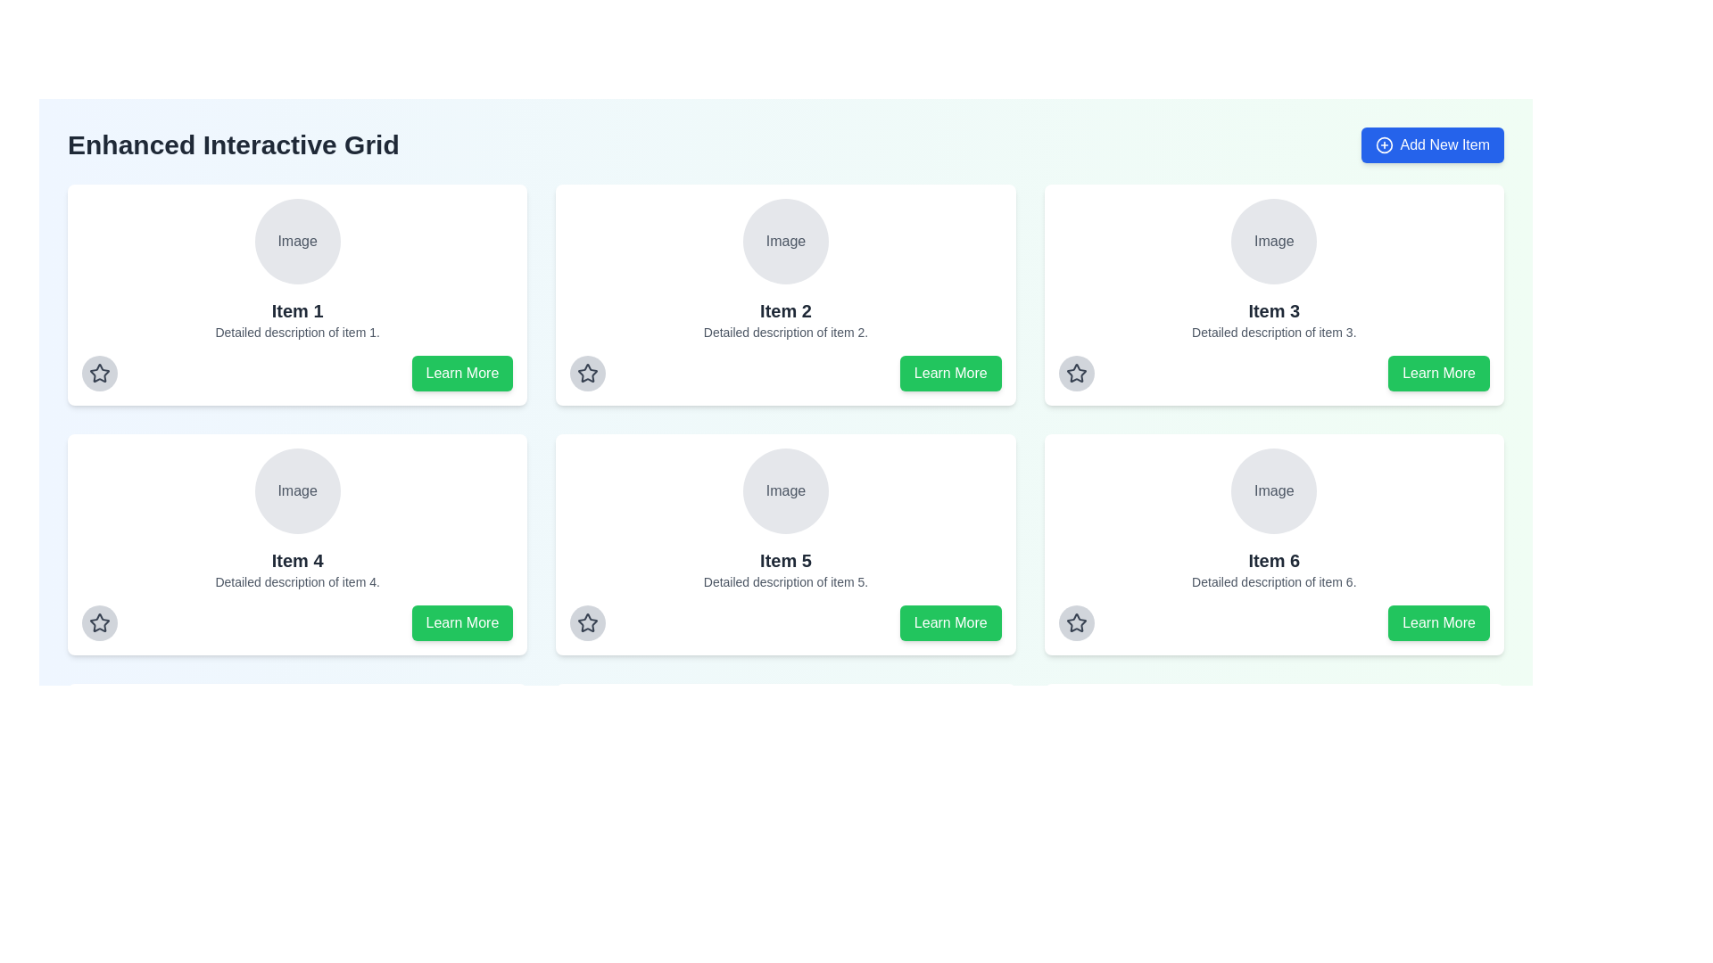 The image size is (1713, 963). Describe the element at coordinates (297, 309) in the screenshot. I see `text label that acts as a title or header for the top-left card in a 3x2 grid of similar cards, located below an image placeholder and above a smaller description text` at that location.